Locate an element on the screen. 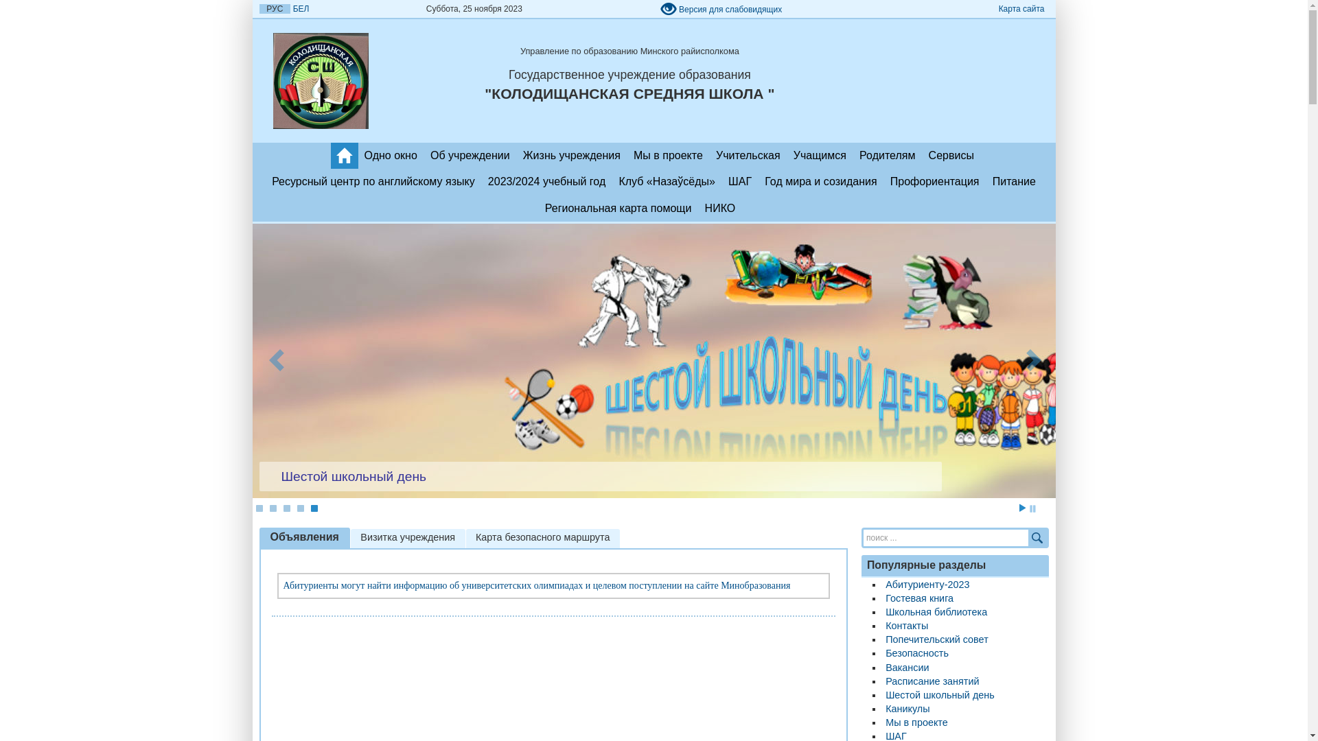  '3' is located at coordinates (286, 508).